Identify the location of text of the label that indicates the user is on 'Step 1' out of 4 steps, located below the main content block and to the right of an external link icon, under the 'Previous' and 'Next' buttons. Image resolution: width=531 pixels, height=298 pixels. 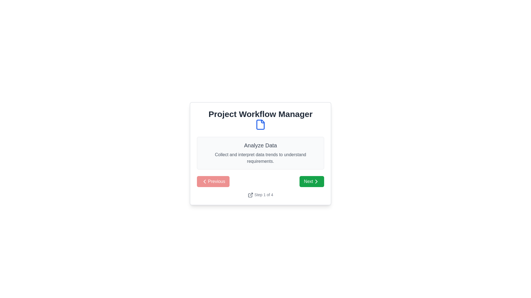
(264, 194).